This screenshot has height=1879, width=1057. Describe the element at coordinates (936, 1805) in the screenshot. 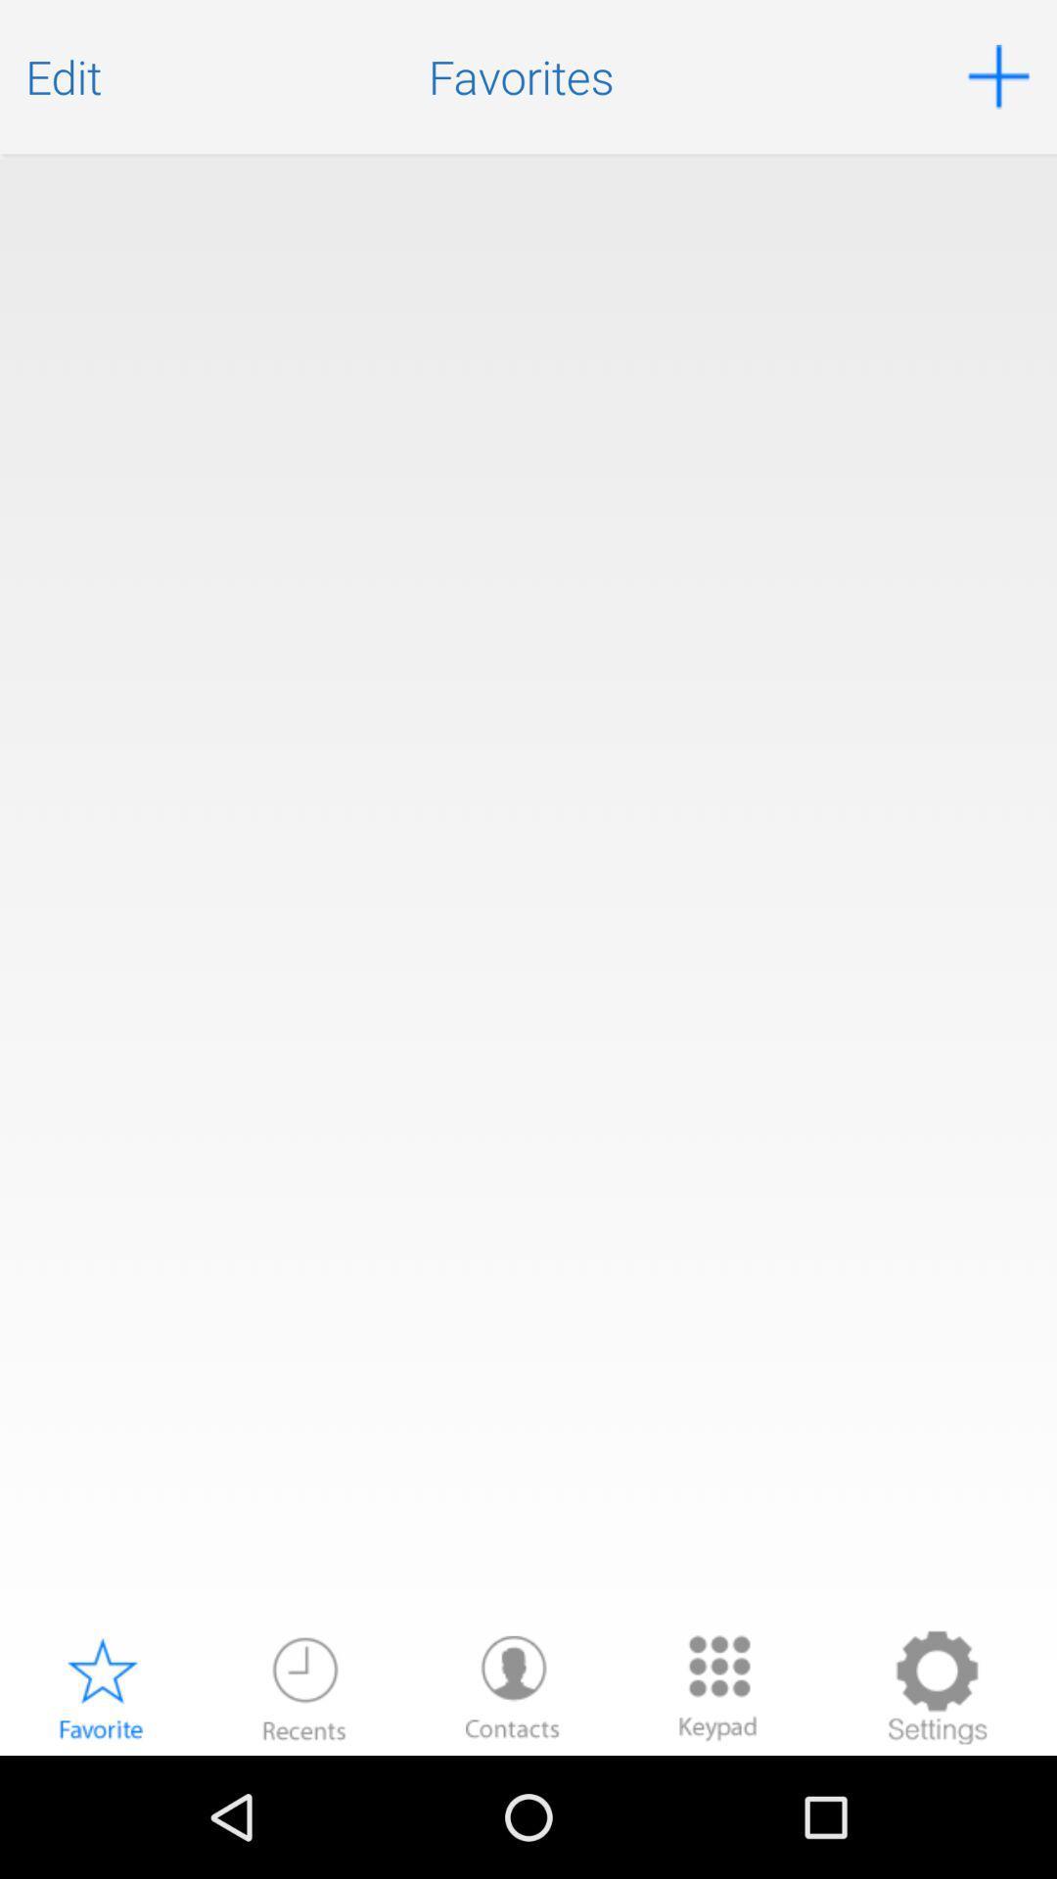

I see `the settings icon` at that location.